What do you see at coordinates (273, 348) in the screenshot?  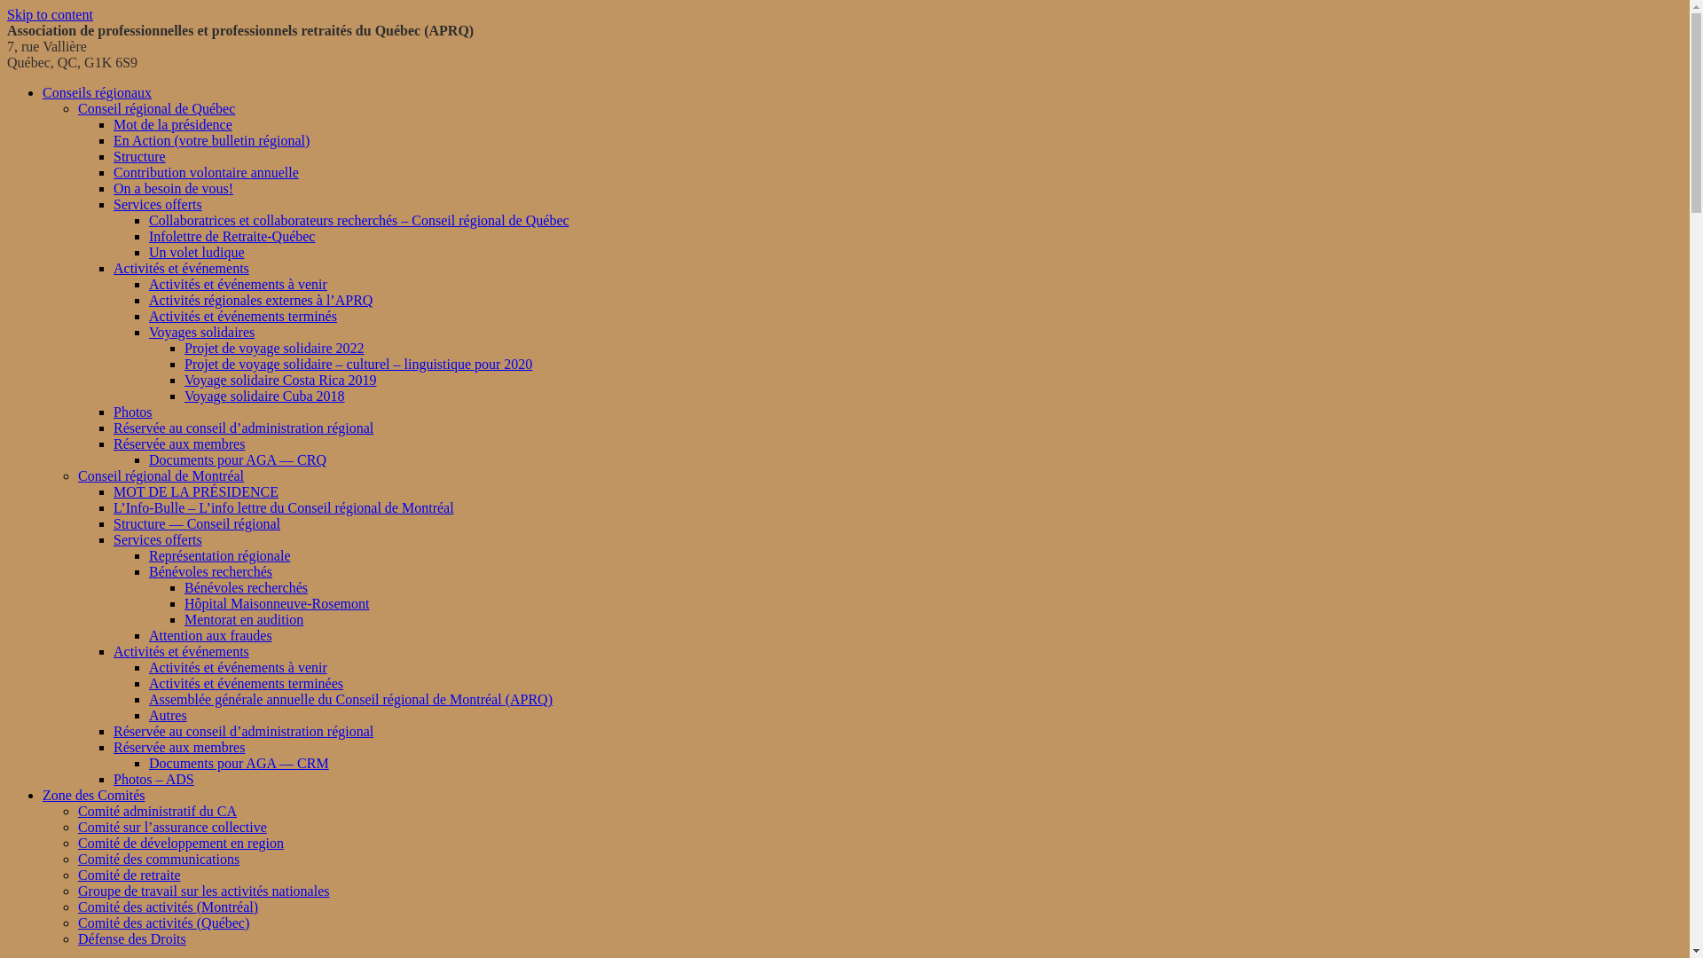 I see `'Projet de voyage solidaire 2022'` at bounding box center [273, 348].